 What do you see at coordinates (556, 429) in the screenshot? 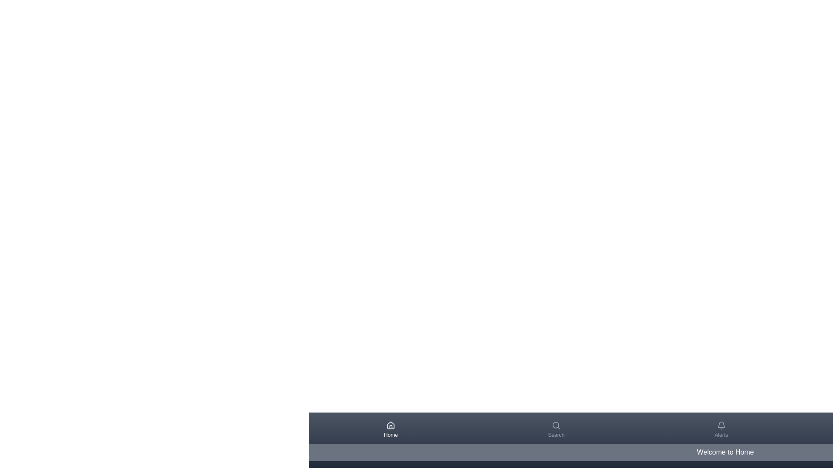
I see `the Search tab icon to see the hover effect` at bounding box center [556, 429].